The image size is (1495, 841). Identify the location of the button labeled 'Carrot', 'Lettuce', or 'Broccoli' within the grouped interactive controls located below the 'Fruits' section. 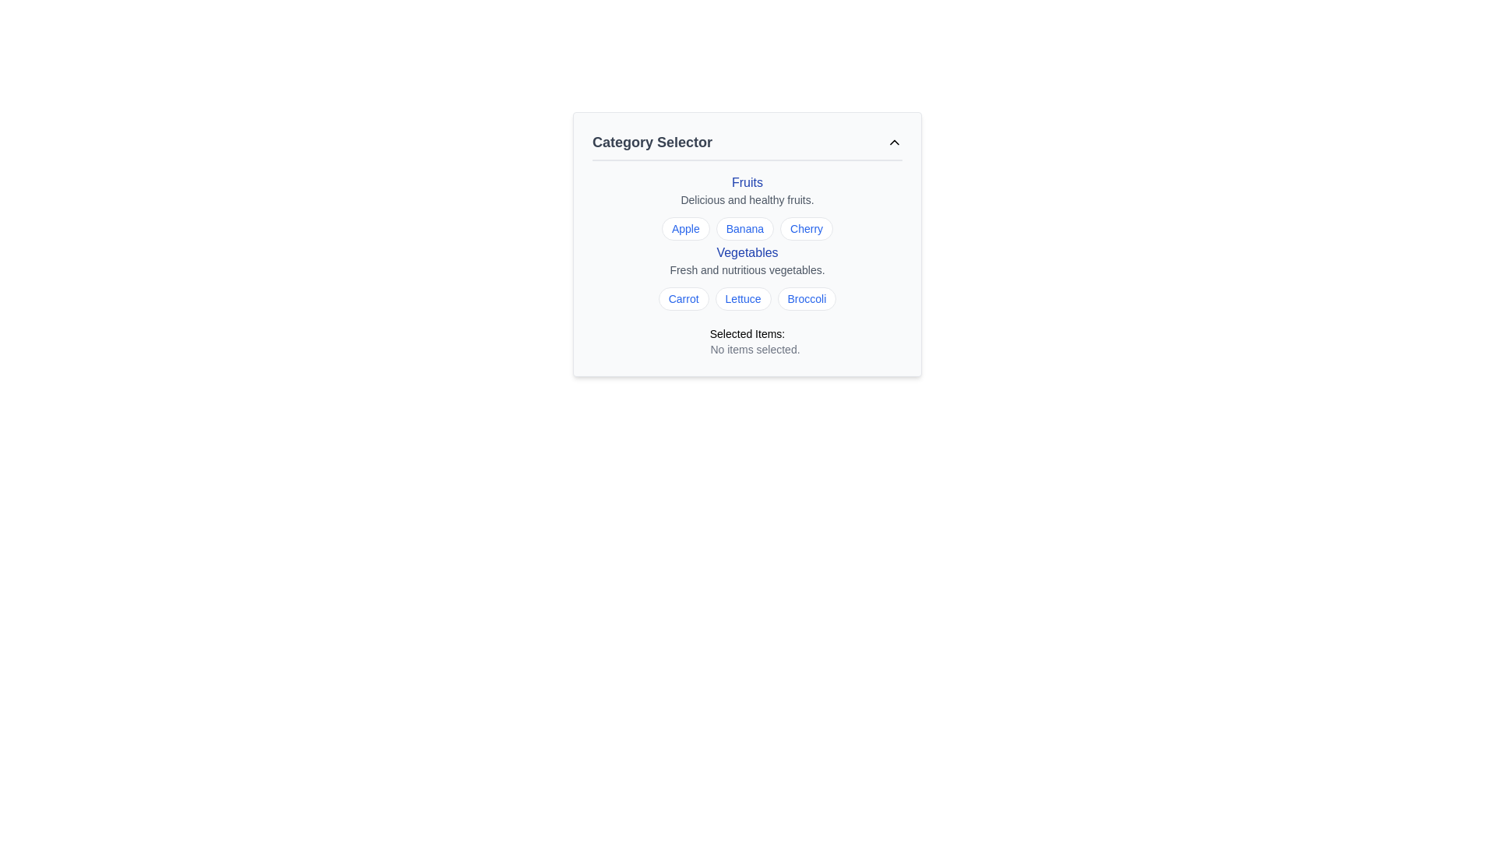
(747, 278).